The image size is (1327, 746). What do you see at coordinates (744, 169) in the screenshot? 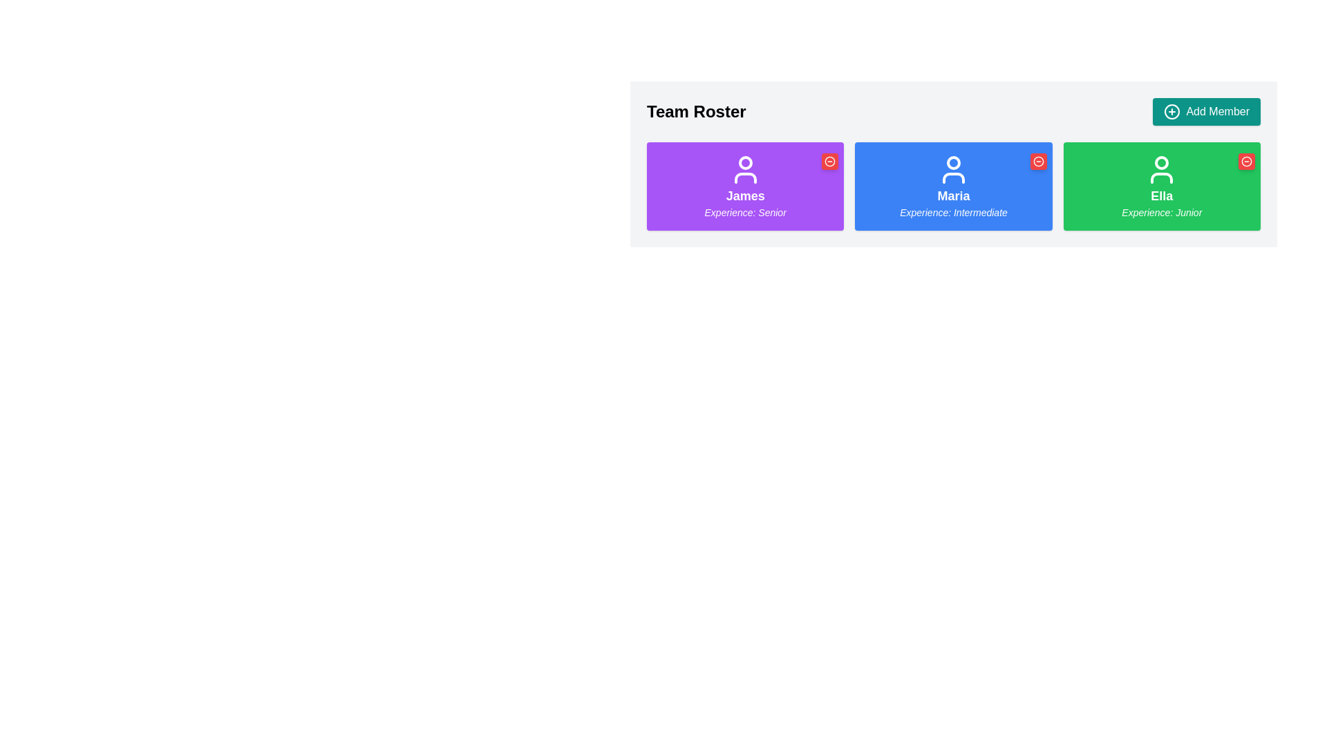
I see `the user profile icon associated with 'James' in the leftmost purple card of the 'Team Roster' section` at bounding box center [744, 169].